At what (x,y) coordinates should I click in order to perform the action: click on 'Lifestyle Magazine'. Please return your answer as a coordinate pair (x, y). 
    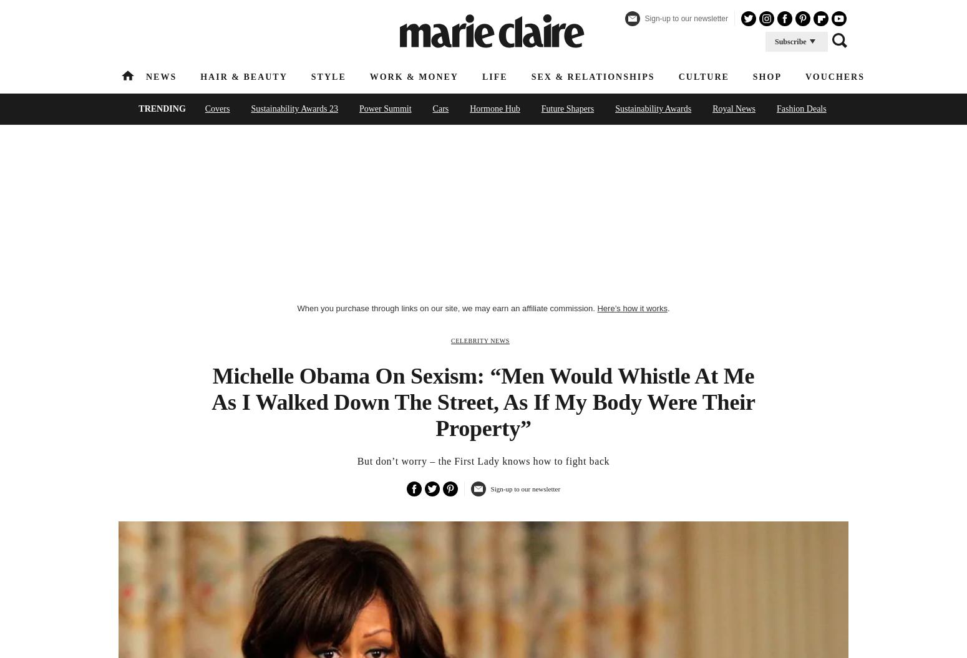
    Looking at the image, I should click on (315, 137).